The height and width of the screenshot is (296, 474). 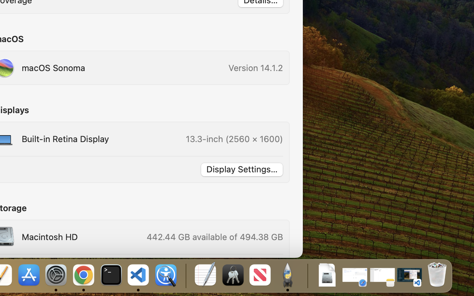 What do you see at coordinates (255, 68) in the screenshot?
I see `'Version 14.1.2'` at bounding box center [255, 68].